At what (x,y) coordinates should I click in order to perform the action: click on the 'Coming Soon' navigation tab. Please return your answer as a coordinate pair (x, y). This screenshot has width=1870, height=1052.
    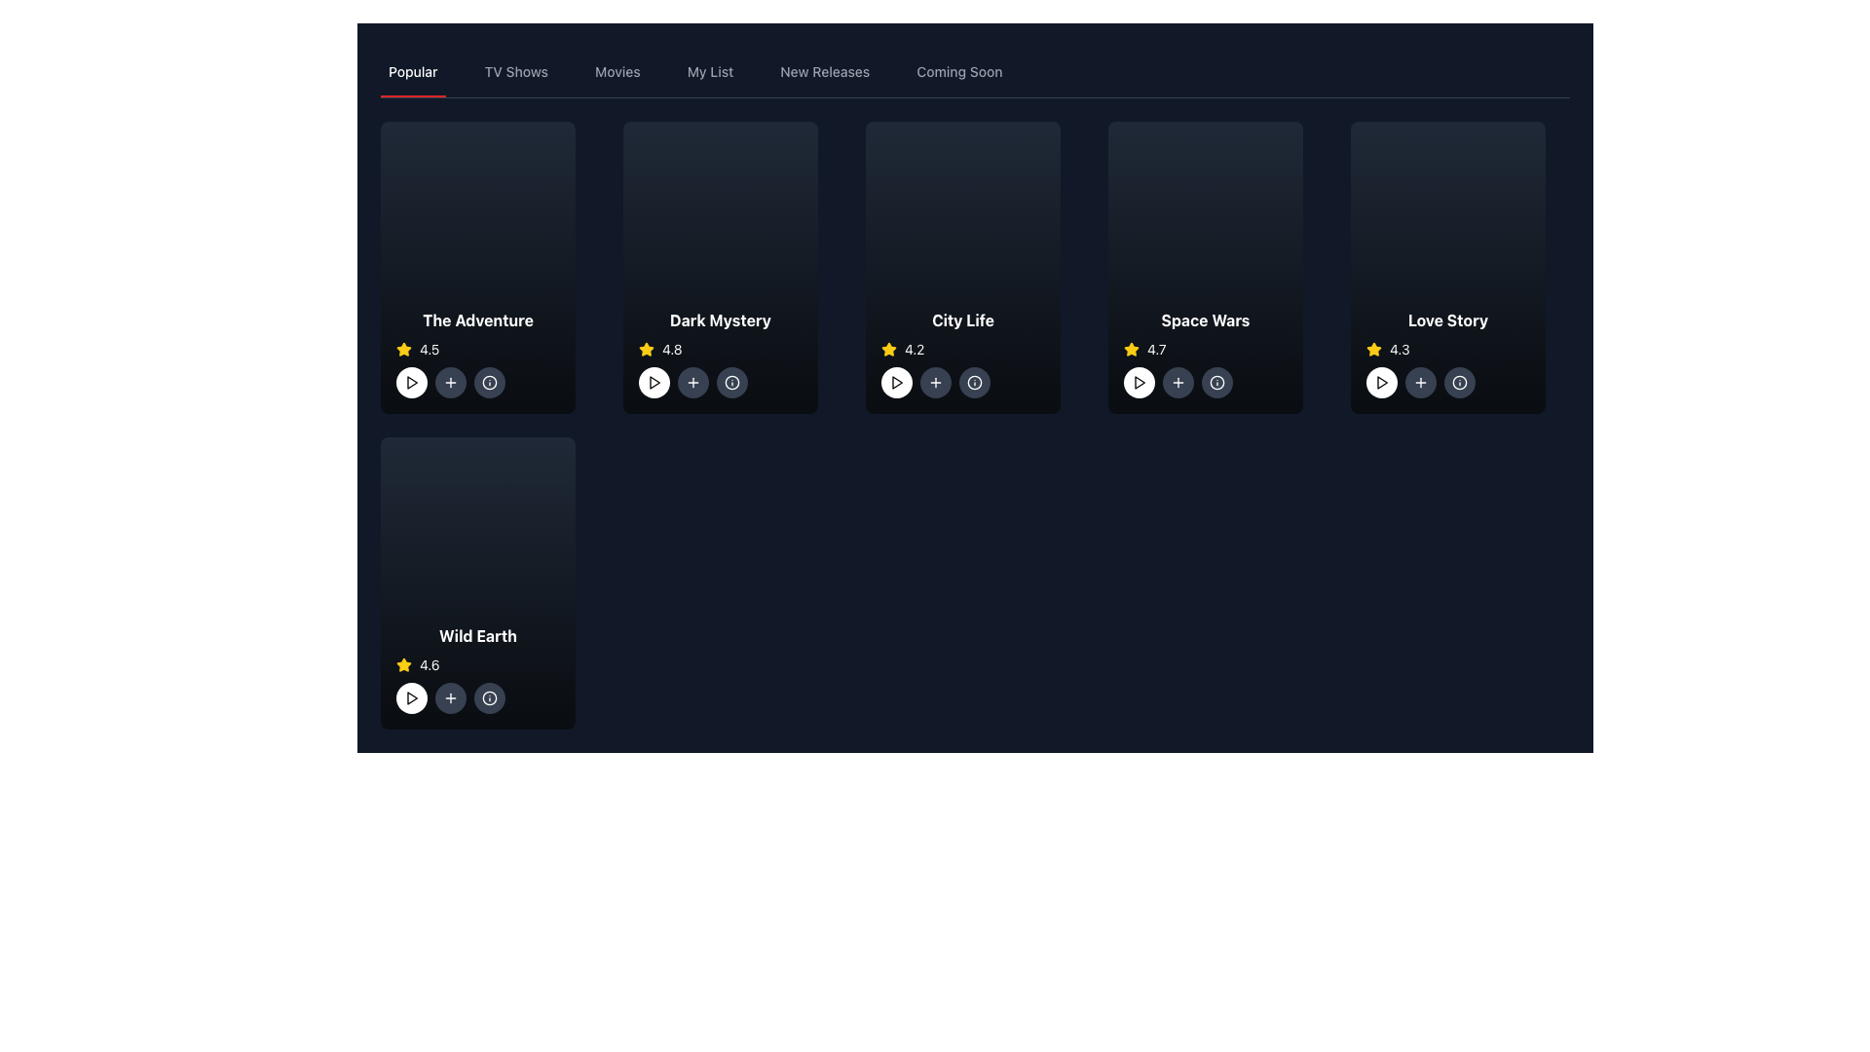
    Looking at the image, I should click on (959, 70).